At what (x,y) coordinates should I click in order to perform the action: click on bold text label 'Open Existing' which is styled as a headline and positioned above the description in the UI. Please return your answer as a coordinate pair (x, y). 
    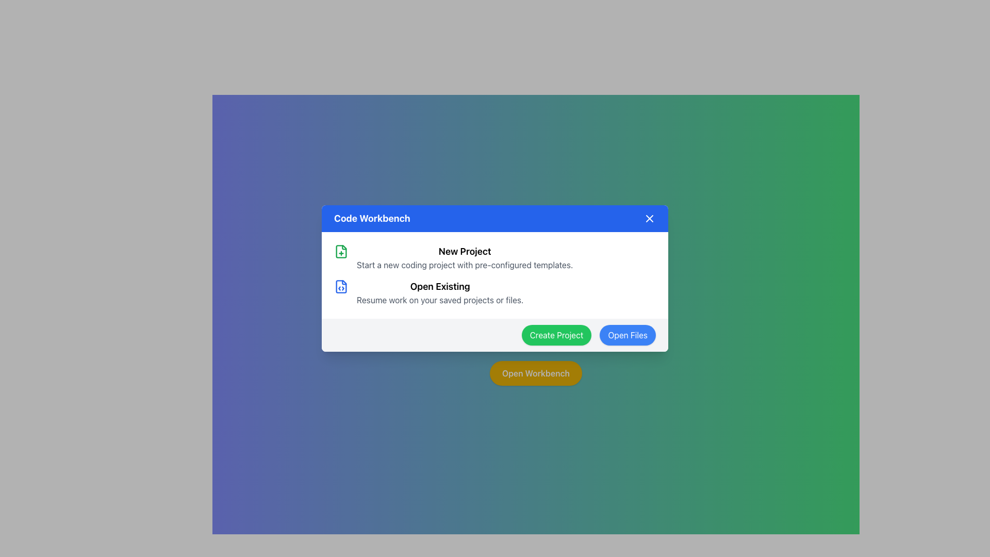
    Looking at the image, I should click on (440, 286).